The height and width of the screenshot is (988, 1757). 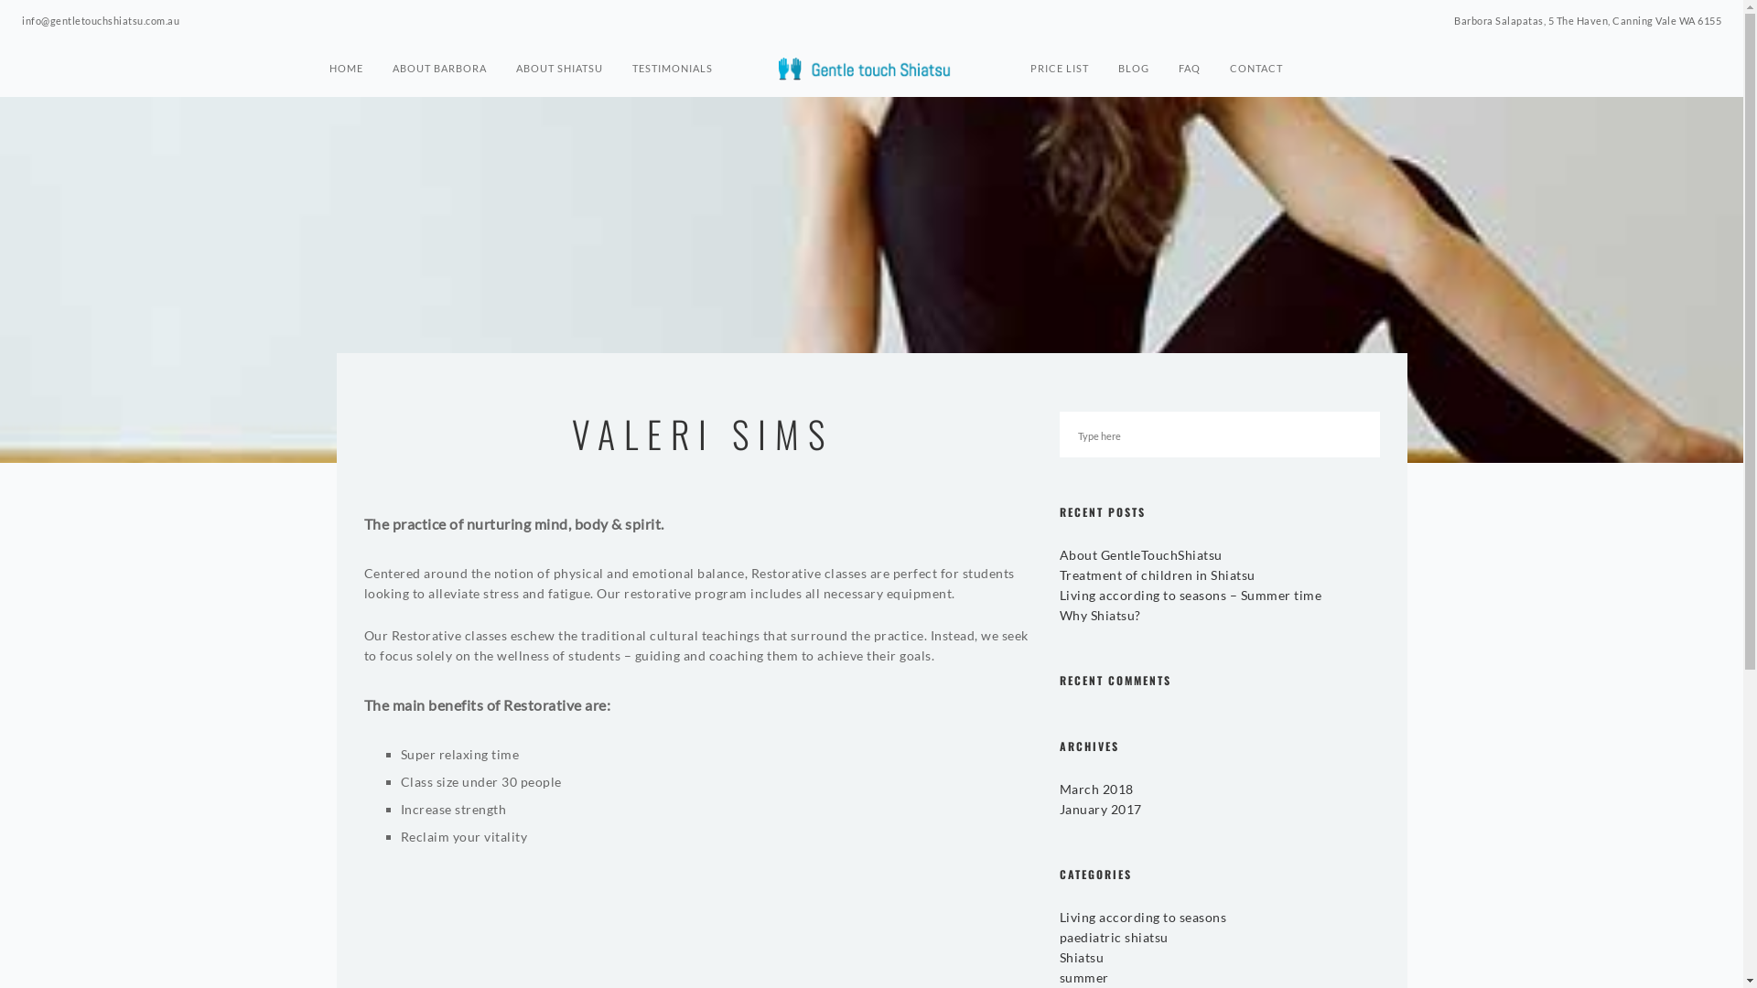 I want to click on 'About GentleTouchShiatsu', so click(x=1140, y=553).